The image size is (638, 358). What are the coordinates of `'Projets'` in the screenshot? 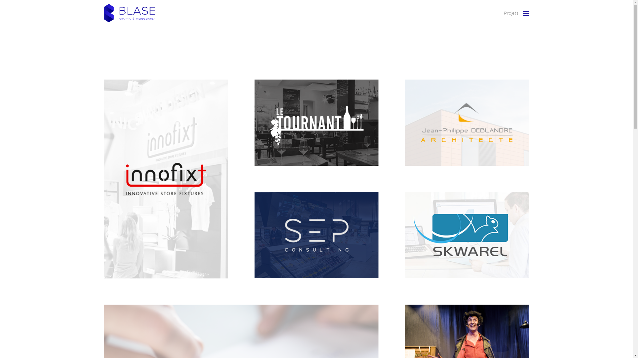 It's located at (500, 13).